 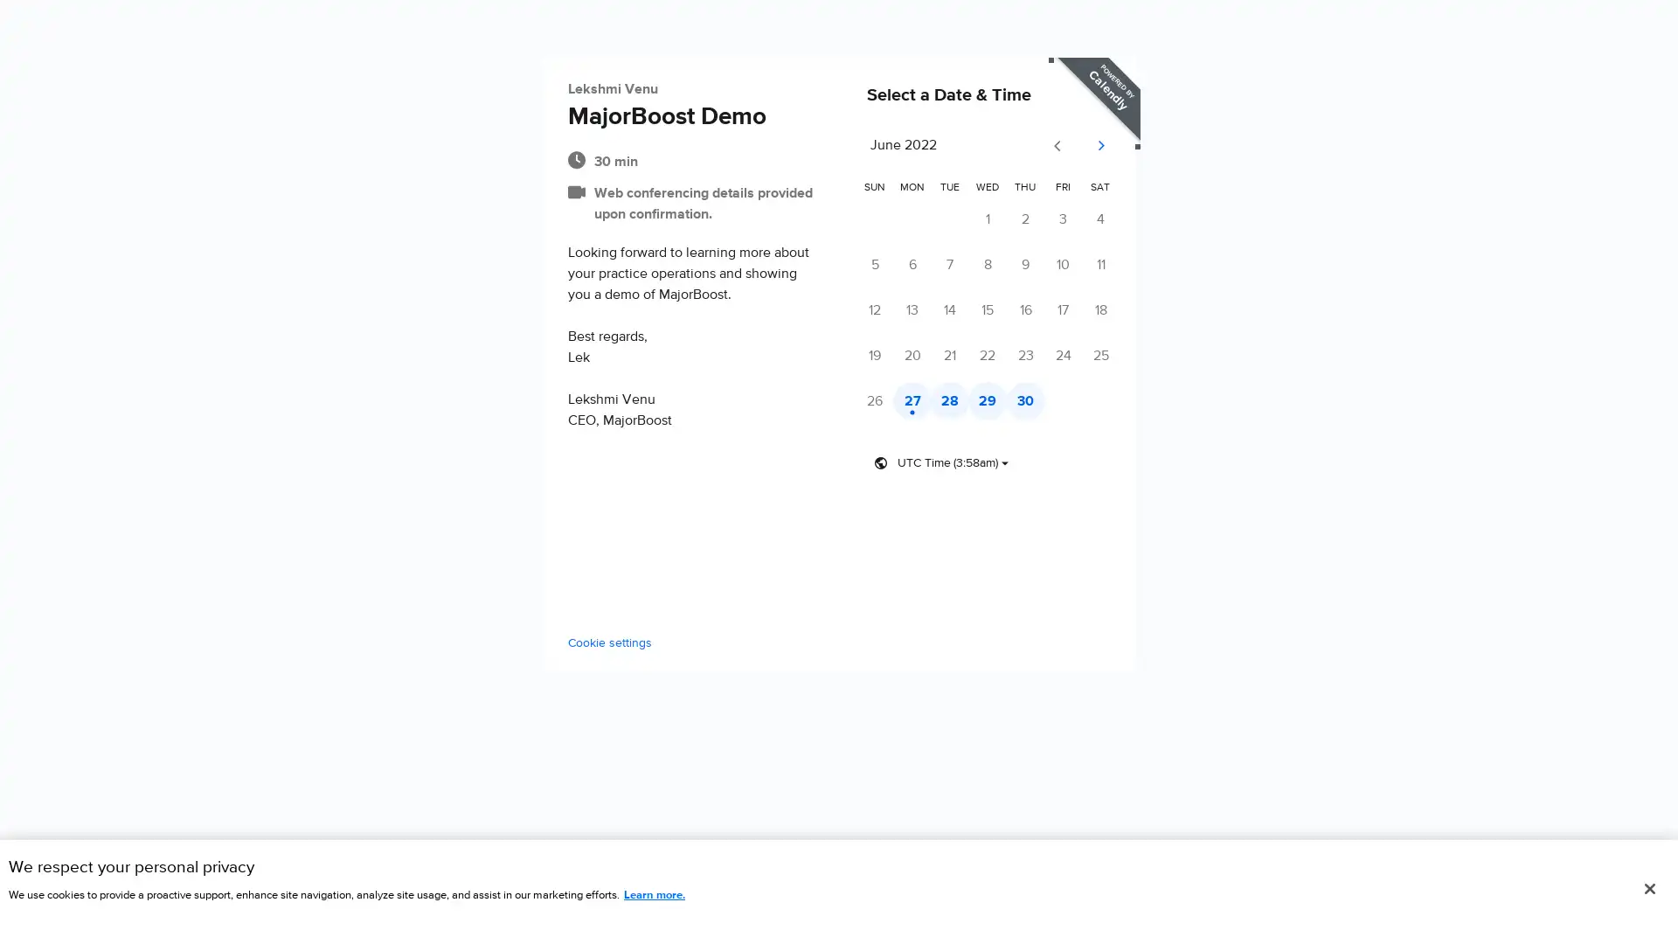 I want to click on Sunday, June 19 - No times available, so click(x=877, y=356).